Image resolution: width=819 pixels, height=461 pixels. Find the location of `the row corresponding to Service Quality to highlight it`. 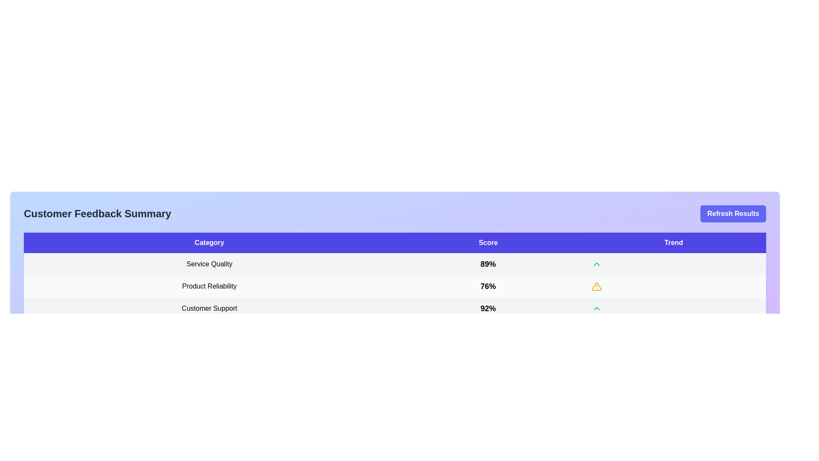

the row corresponding to Service Quality to highlight it is located at coordinates (395, 263).